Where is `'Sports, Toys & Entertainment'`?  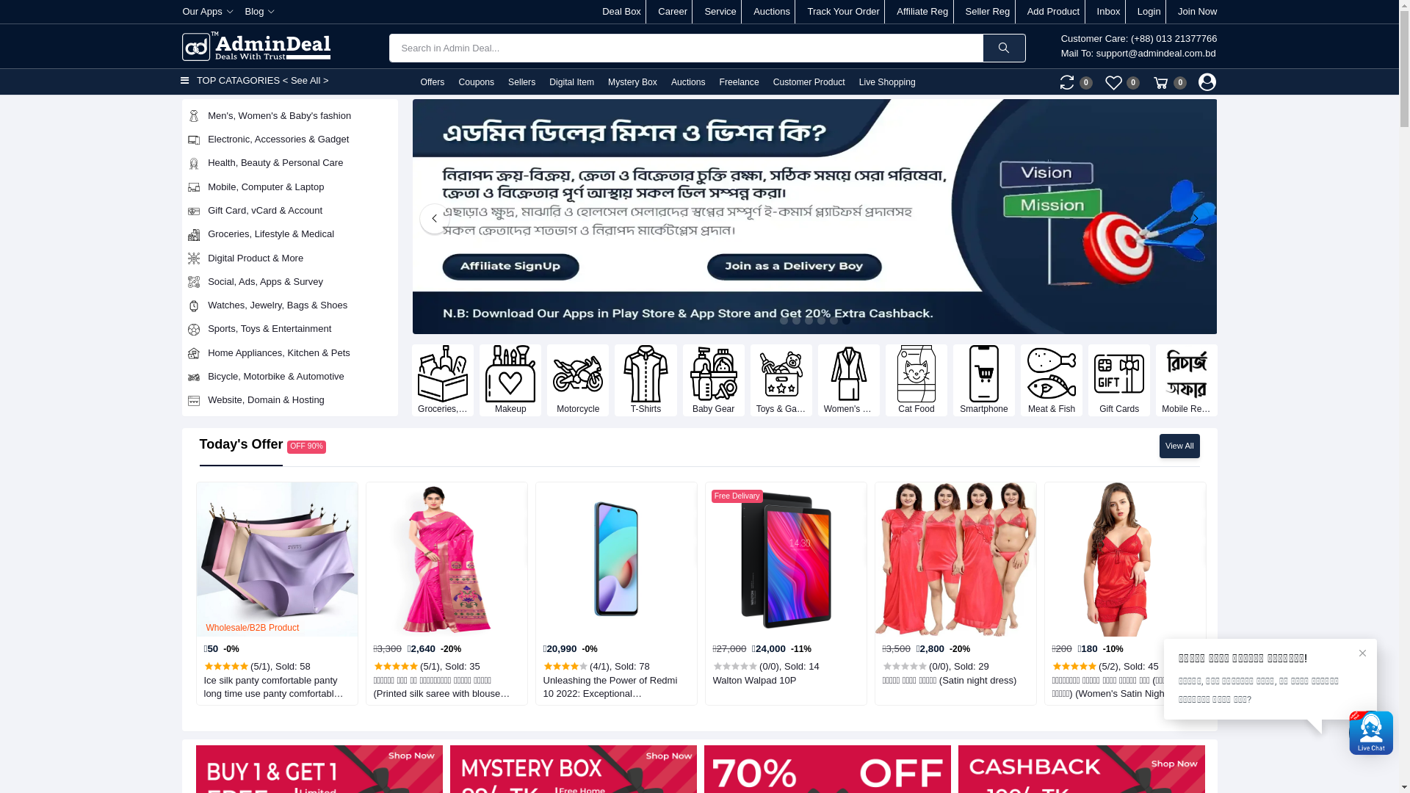 'Sports, Toys & Entertainment' is located at coordinates (290, 327).